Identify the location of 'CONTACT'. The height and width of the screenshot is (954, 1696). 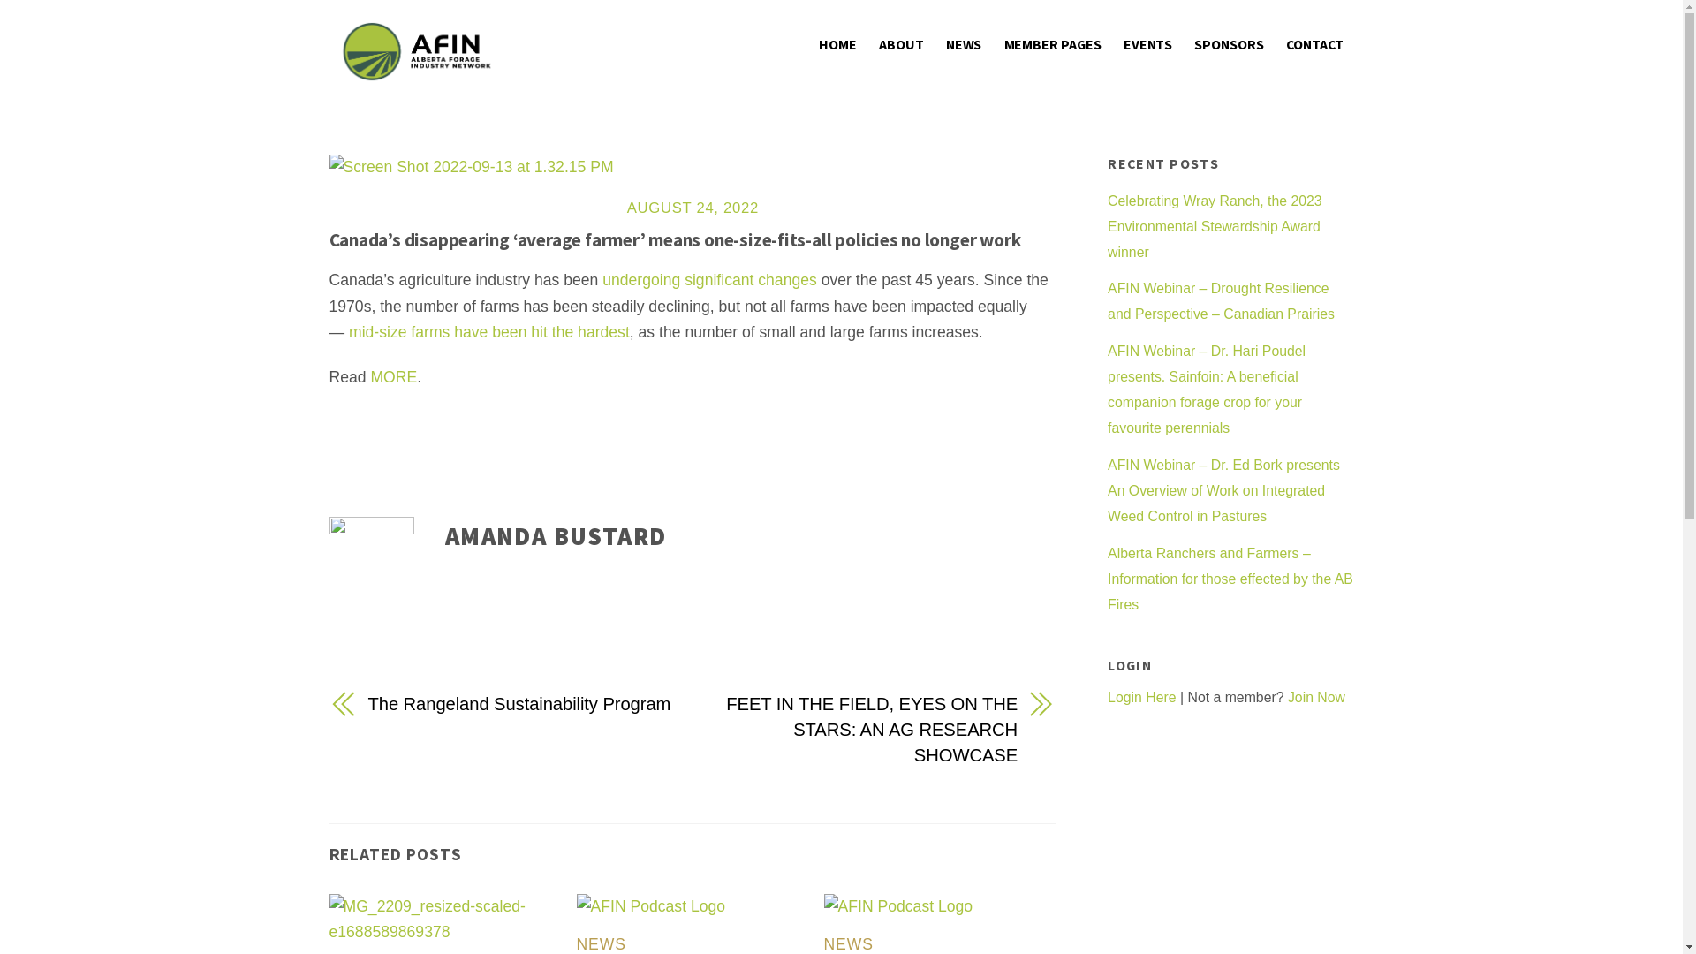
(1314, 42).